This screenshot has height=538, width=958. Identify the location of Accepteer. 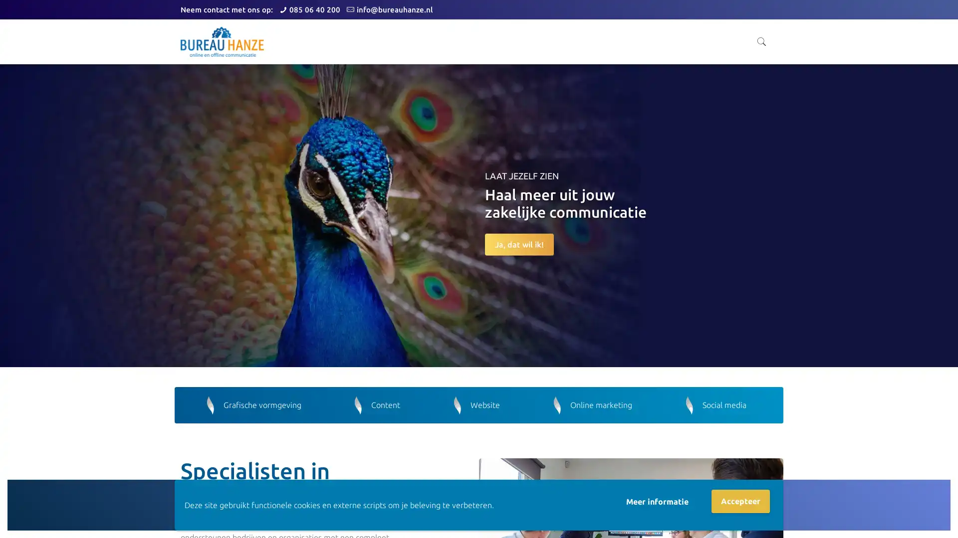
(740, 501).